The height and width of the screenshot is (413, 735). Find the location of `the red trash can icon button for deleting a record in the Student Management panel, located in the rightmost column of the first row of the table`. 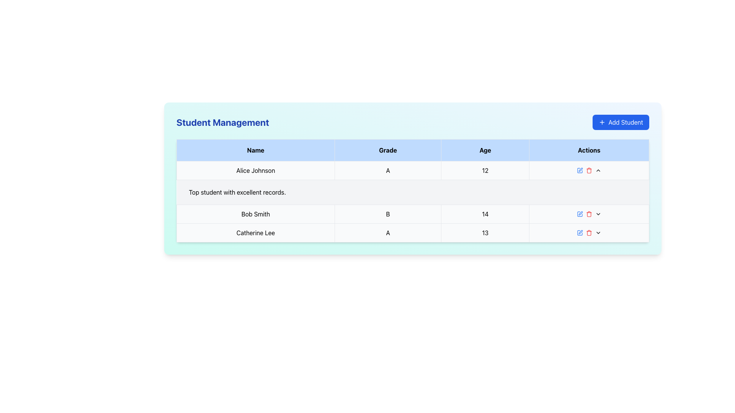

the red trash can icon button for deleting a record in the Student Management panel, located in the rightmost column of the first row of the table is located at coordinates (589, 170).